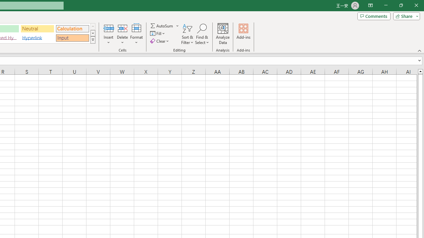  Describe the element at coordinates (109, 28) in the screenshot. I see `'Insert Cells'` at that location.